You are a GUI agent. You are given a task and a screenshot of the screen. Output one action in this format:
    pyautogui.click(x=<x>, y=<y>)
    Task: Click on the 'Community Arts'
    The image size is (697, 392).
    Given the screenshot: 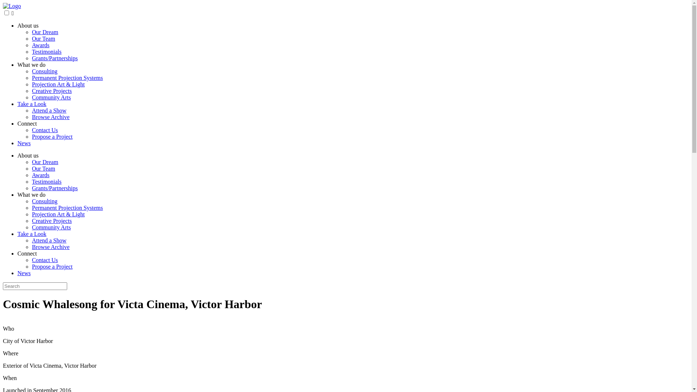 What is the action you would take?
    pyautogui.click(x=51, y=97)
    